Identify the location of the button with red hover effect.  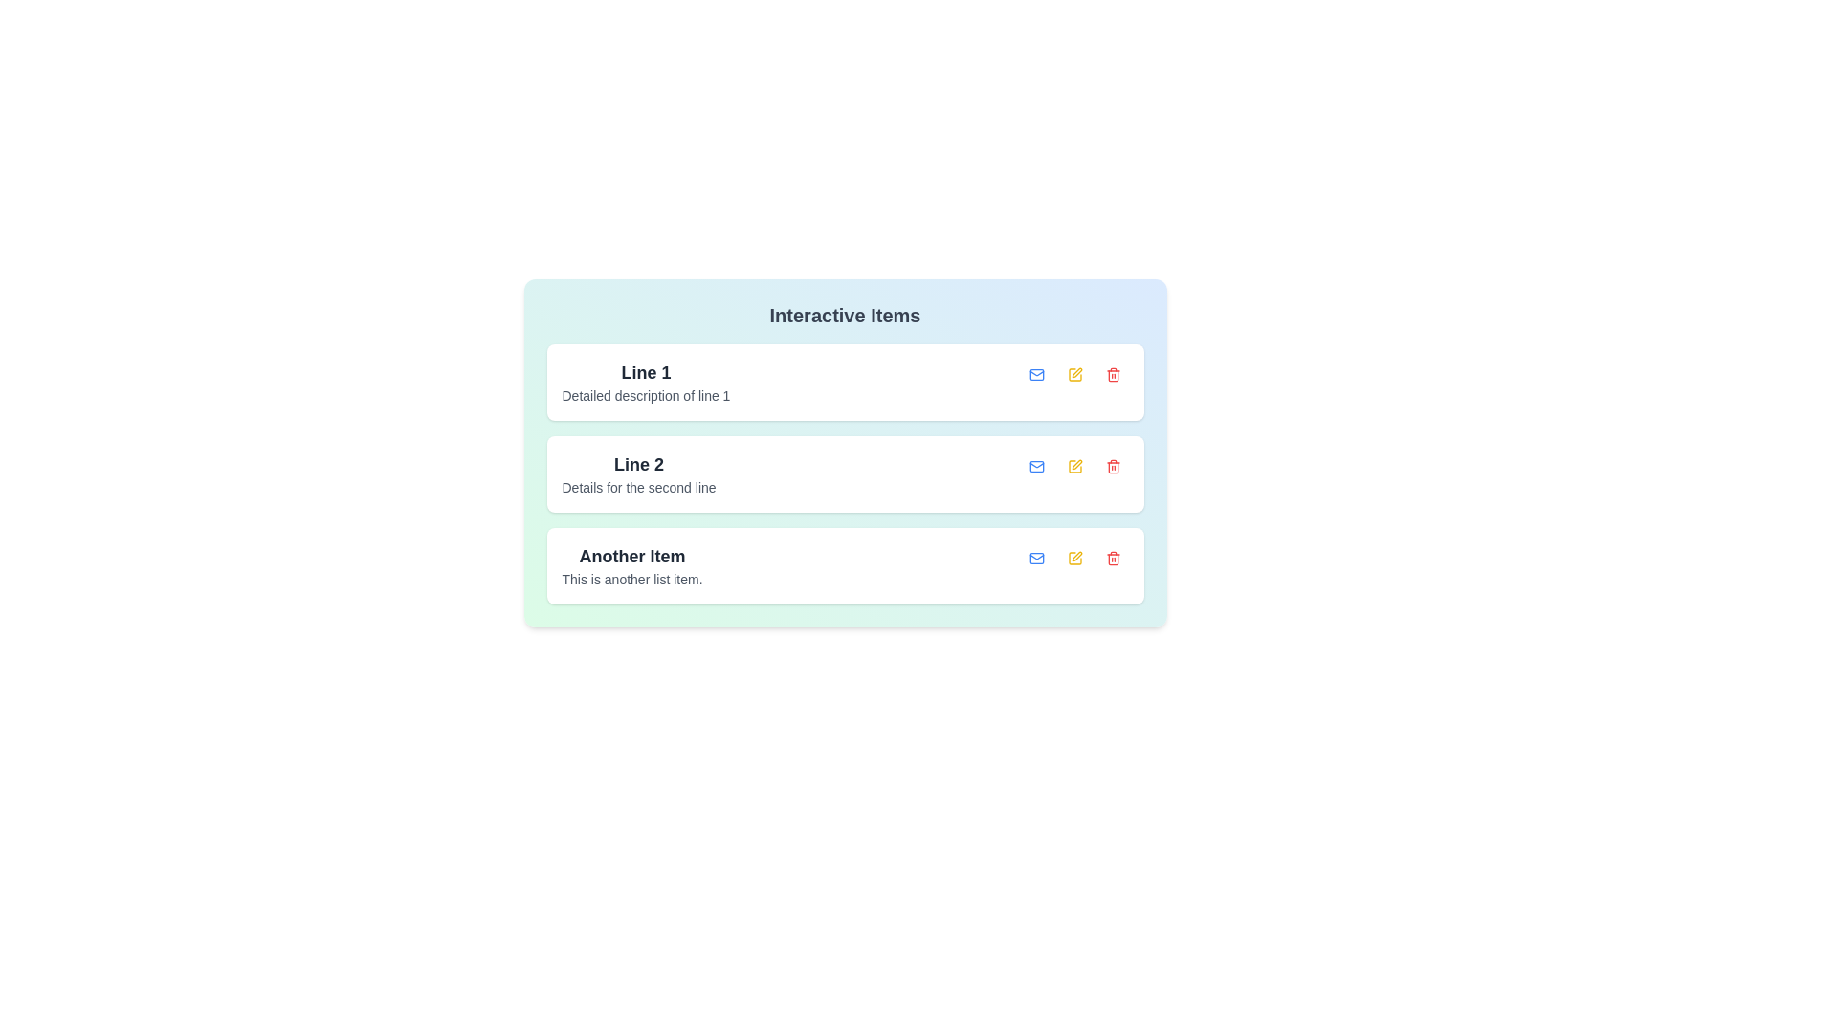
(1113, 375).